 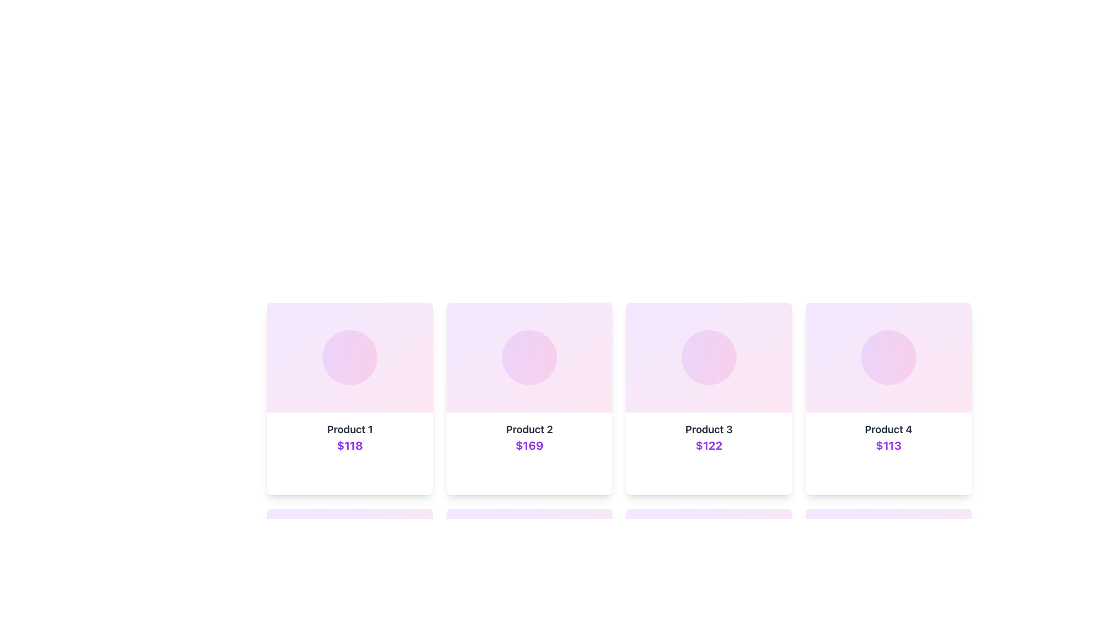 I want to click on the circular decorative element with a gradient fill transitioning from purple to pink, located centrally in the top portion of the 'Product 4' card, so click(x=888, y=356).